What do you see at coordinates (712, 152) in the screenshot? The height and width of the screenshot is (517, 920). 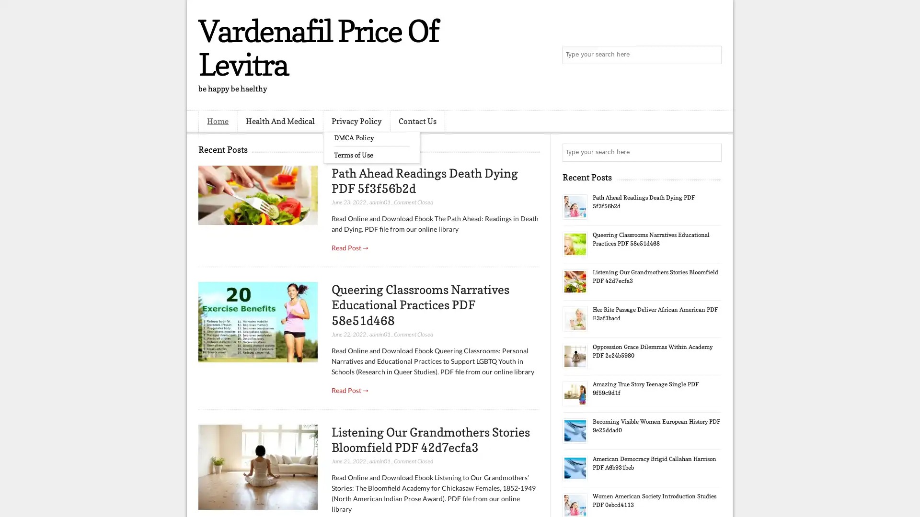 I see `Search` at bounding box center [712, 152].